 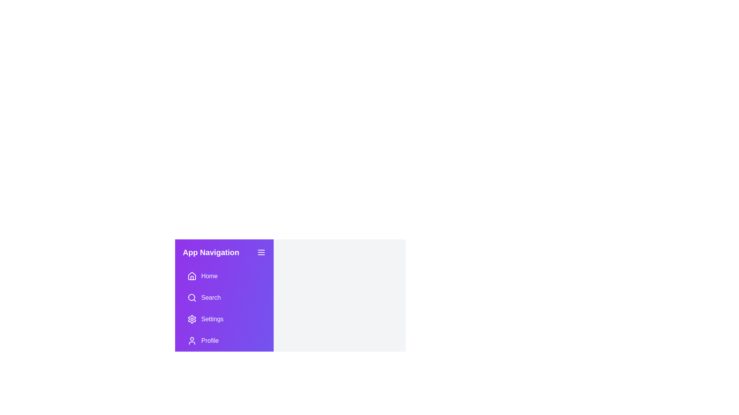 I want to click on the drawer's header to interact with it, so click(x=224, y=252).